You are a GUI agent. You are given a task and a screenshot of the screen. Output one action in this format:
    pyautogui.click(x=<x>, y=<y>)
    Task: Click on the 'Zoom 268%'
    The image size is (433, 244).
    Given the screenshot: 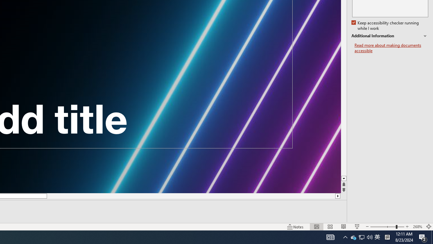 What is the action you would take?
    pyautogui.click(x=417, y=227)
    